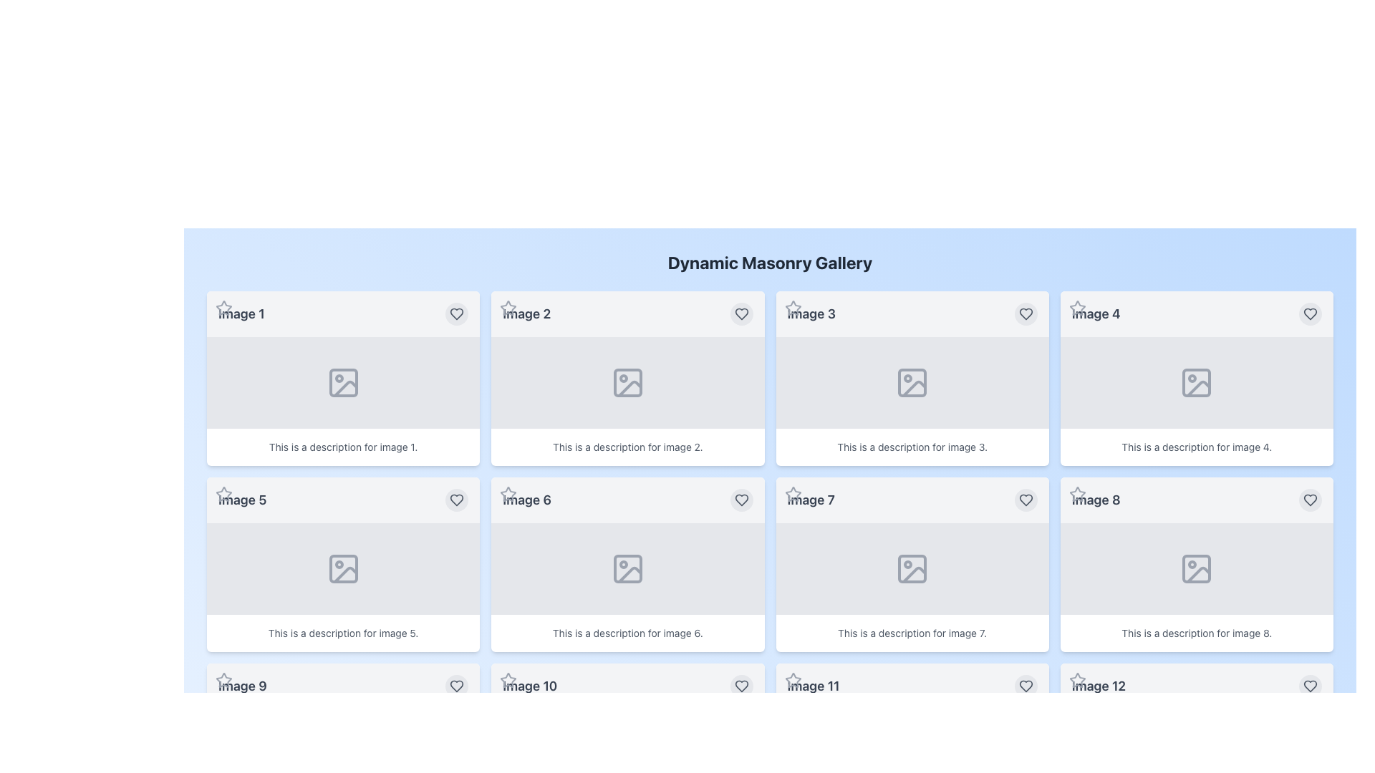 The image size is (1375, 773). What do you see at coordinates (242, 686) in the screenshot?
I see `the text label that reads 'Image 9', which is styled with a medium font size, bold typography, and a gray color, located in the third row and first column of a masonry gallery` at bounding box center [242, 686].